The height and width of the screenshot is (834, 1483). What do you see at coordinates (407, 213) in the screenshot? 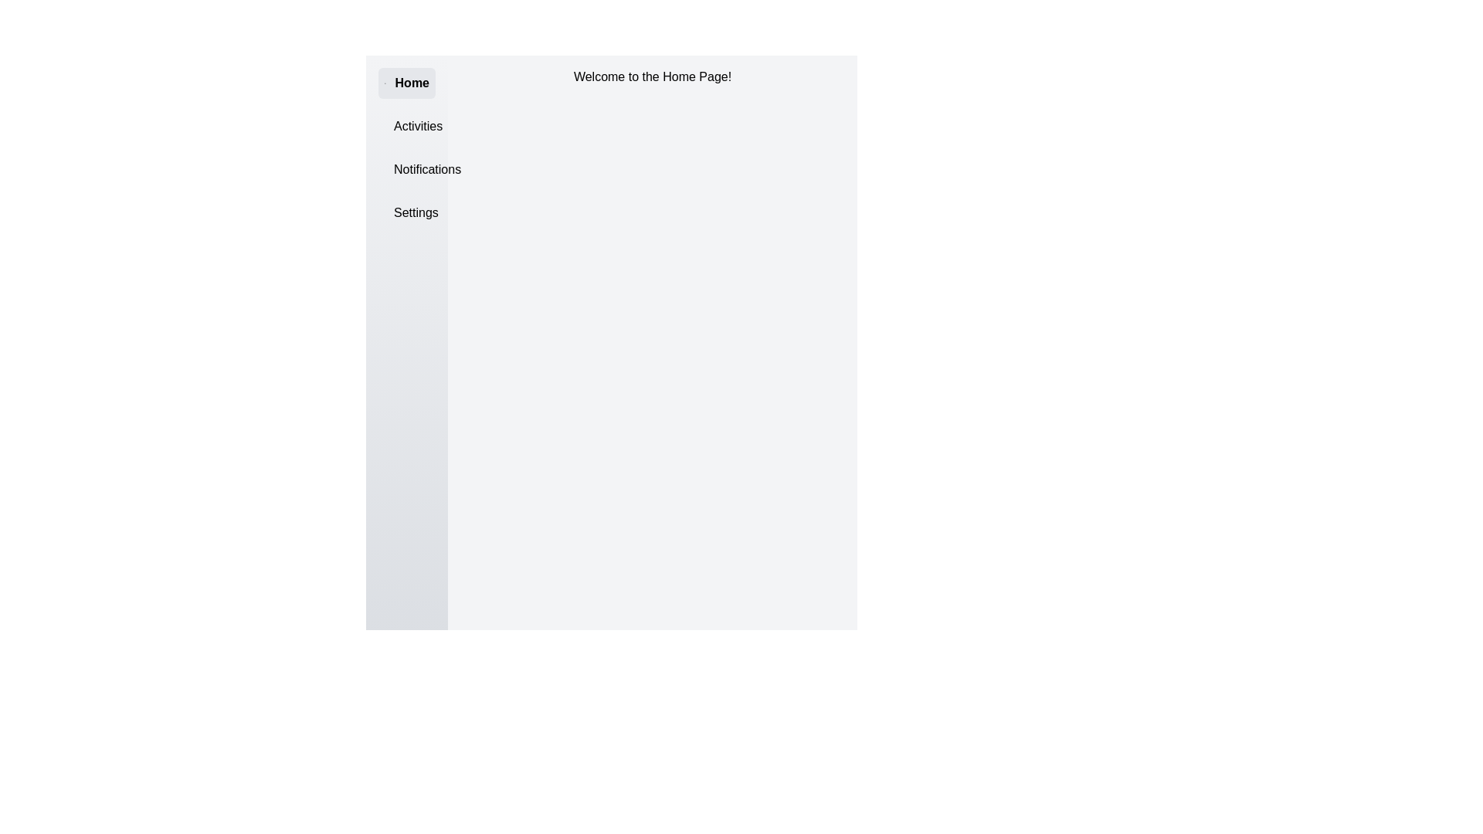
I see `the 'Settings' navigation item in the vertical menu` at bounding box center [407, 213].